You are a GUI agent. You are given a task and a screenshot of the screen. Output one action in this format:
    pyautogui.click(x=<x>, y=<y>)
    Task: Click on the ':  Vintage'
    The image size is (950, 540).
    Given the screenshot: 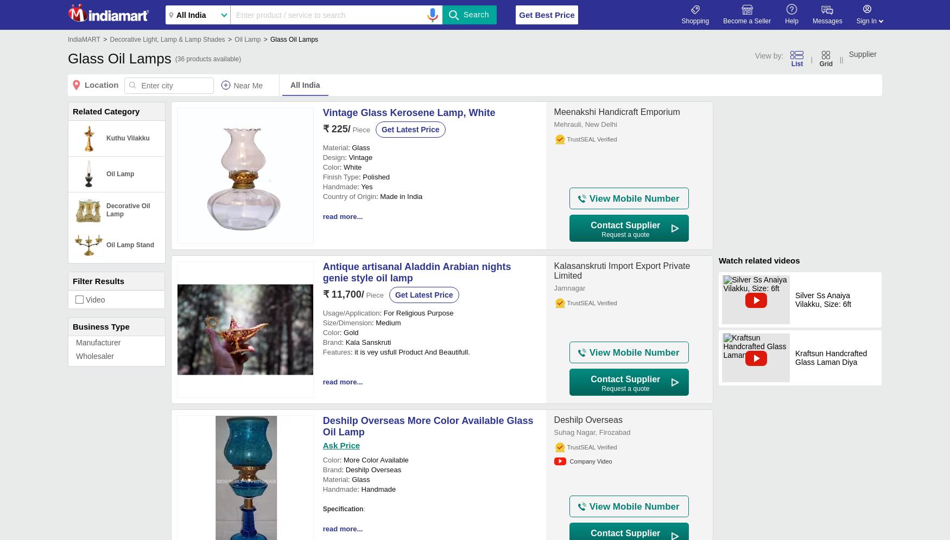 What is the action you would take?
    pyautogui.click(x=358, y=157)
    